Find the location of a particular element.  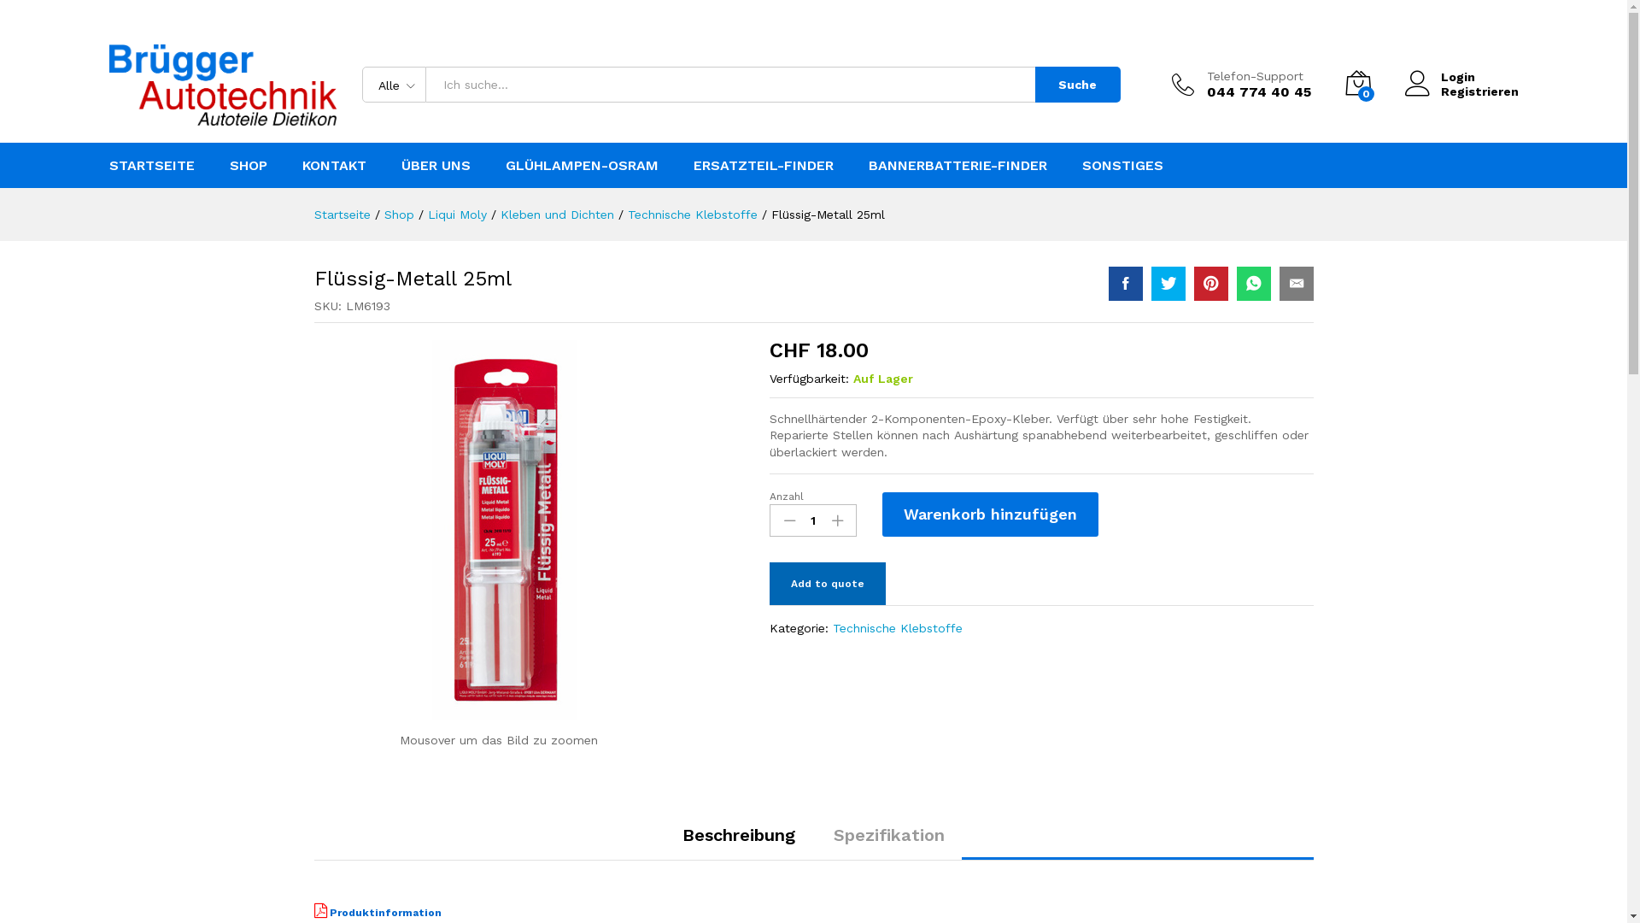

'SONSTIGES' is located at coordinates (1122, 165).